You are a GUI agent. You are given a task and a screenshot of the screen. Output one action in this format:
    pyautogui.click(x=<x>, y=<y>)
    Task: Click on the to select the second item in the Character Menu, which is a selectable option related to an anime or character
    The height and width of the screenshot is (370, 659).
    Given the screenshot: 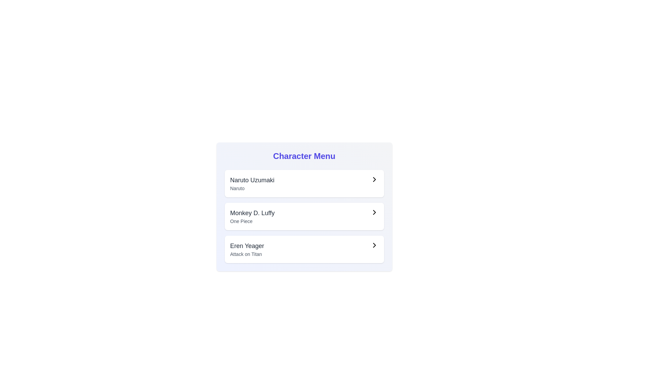 What is the action you would take?
    pyautogui.click(x=304, y=217)
    